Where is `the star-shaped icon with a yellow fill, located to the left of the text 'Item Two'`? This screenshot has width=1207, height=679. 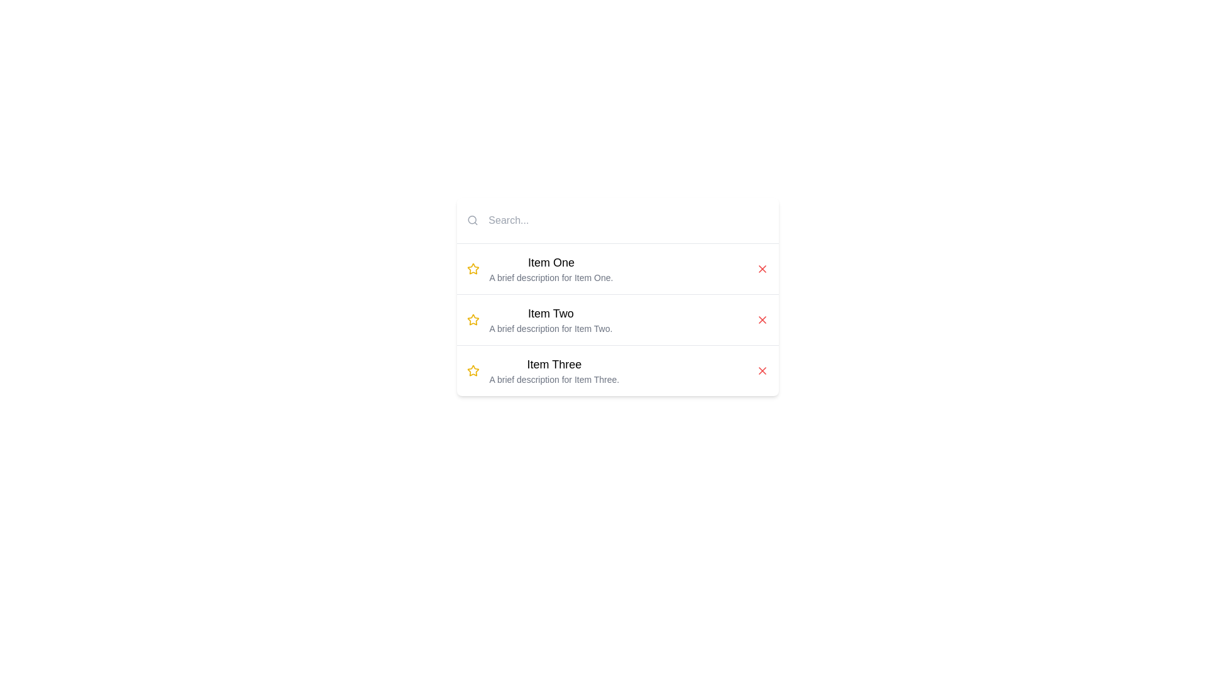
the star-shaped icon with a yellow fill, located to the left of the text 'Item Two' is located at coordinates (472, 319).